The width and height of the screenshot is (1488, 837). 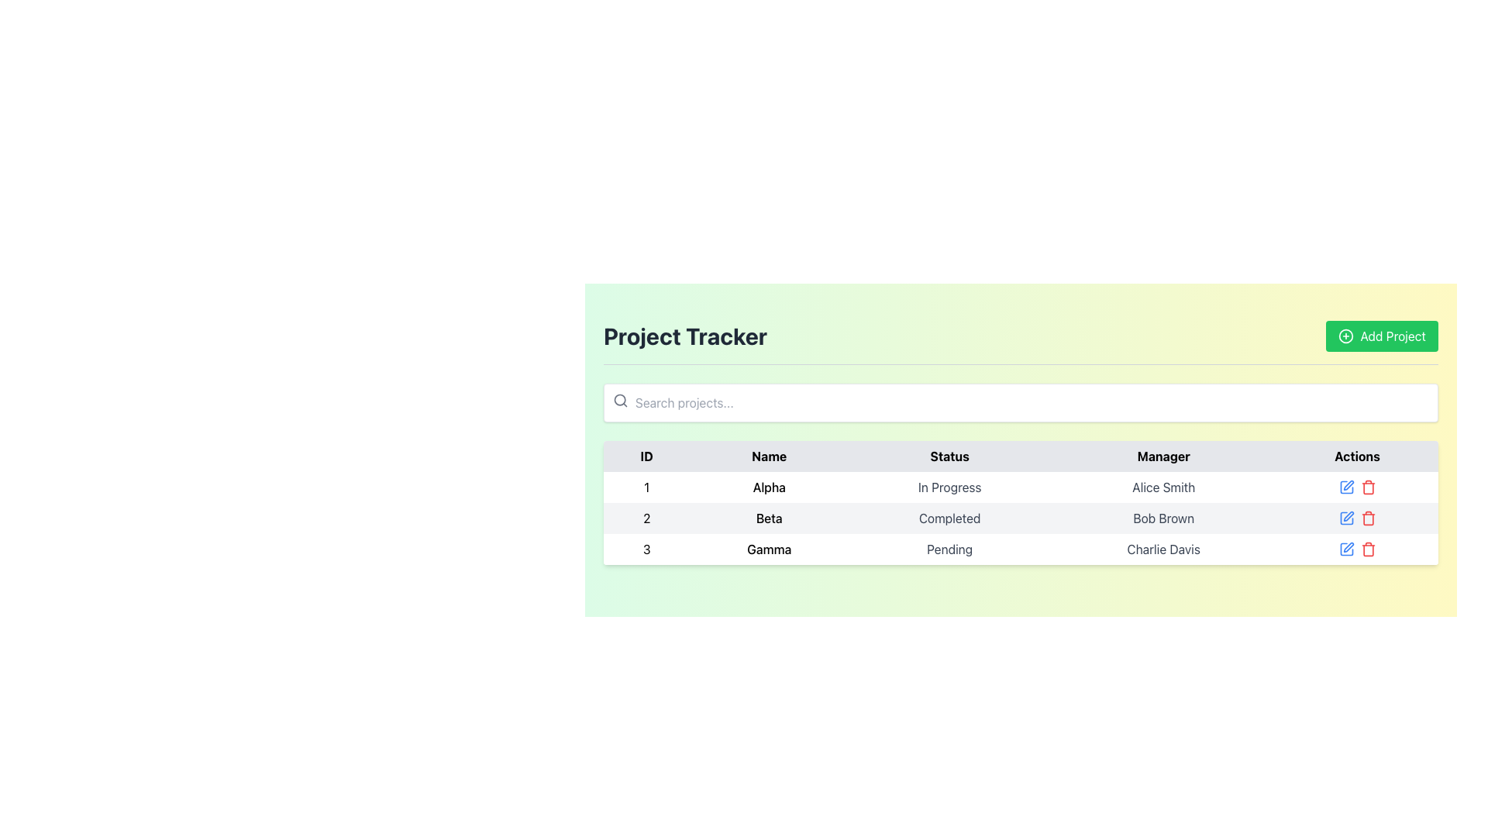 I want to click on the edit icon located in the 'Actions' column of the table, specifically in the second row corresponding, so click(x=1345, y=518).